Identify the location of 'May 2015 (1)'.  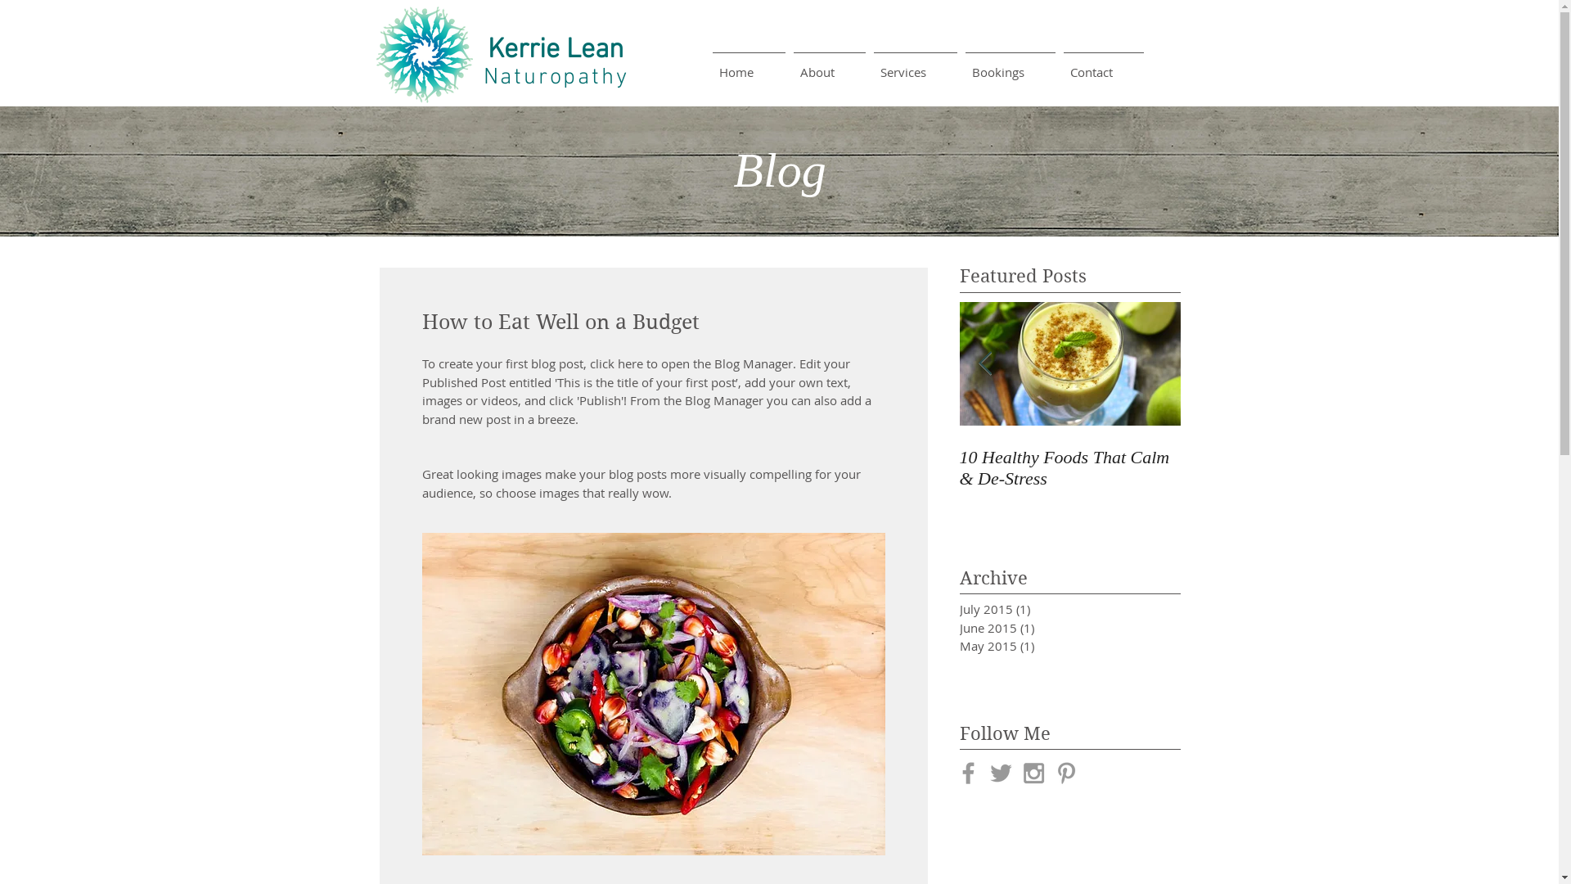
(1043, 645).